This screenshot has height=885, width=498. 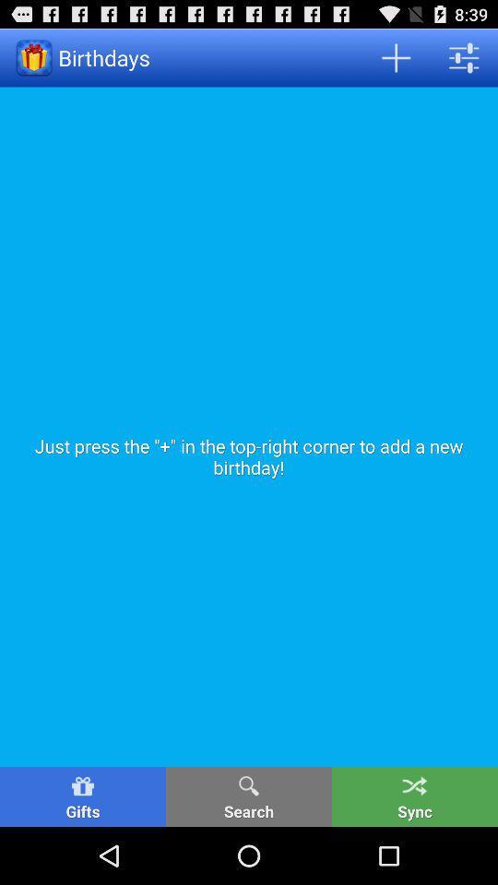 I want to click on gifts button, so click(x=82, y=796).